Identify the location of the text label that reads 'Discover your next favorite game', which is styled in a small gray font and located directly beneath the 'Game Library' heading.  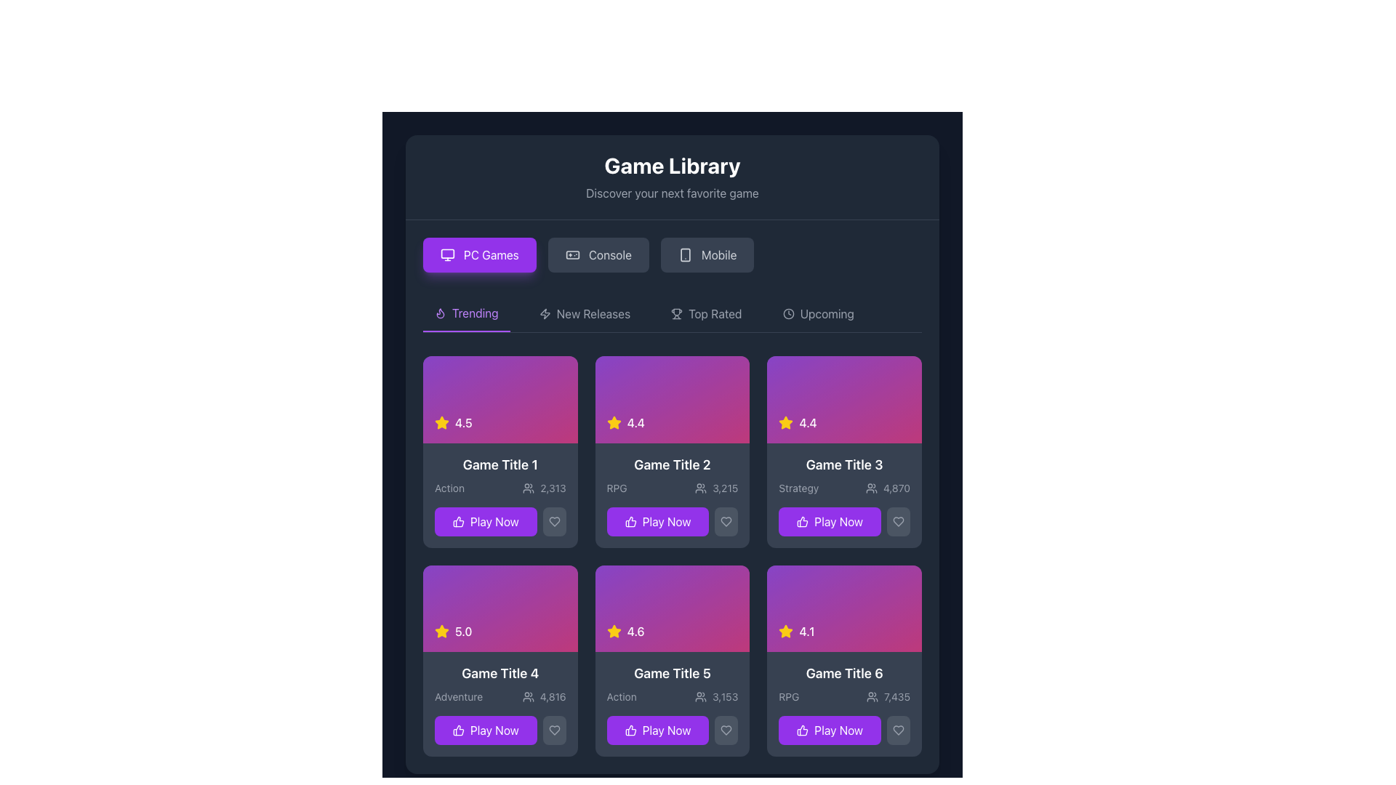
(672, 193).